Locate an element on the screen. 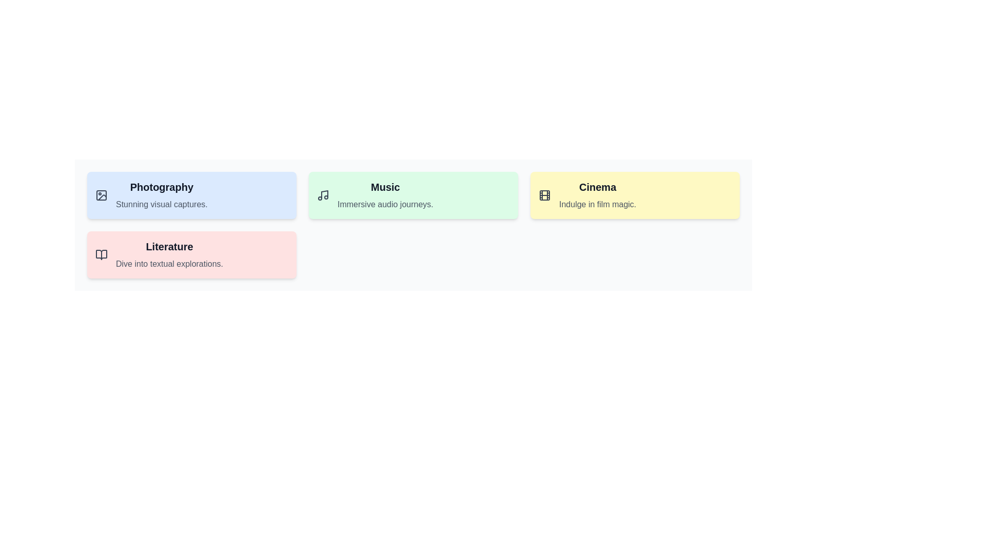  the bold, black text element displaying the word 'Music', which is styled with a large font size and located in the center area of a mint green box, positioned above the subtitle 'Immersive audio journeys.' and to the right of the musical note icon is located at coordinates (385, 187).